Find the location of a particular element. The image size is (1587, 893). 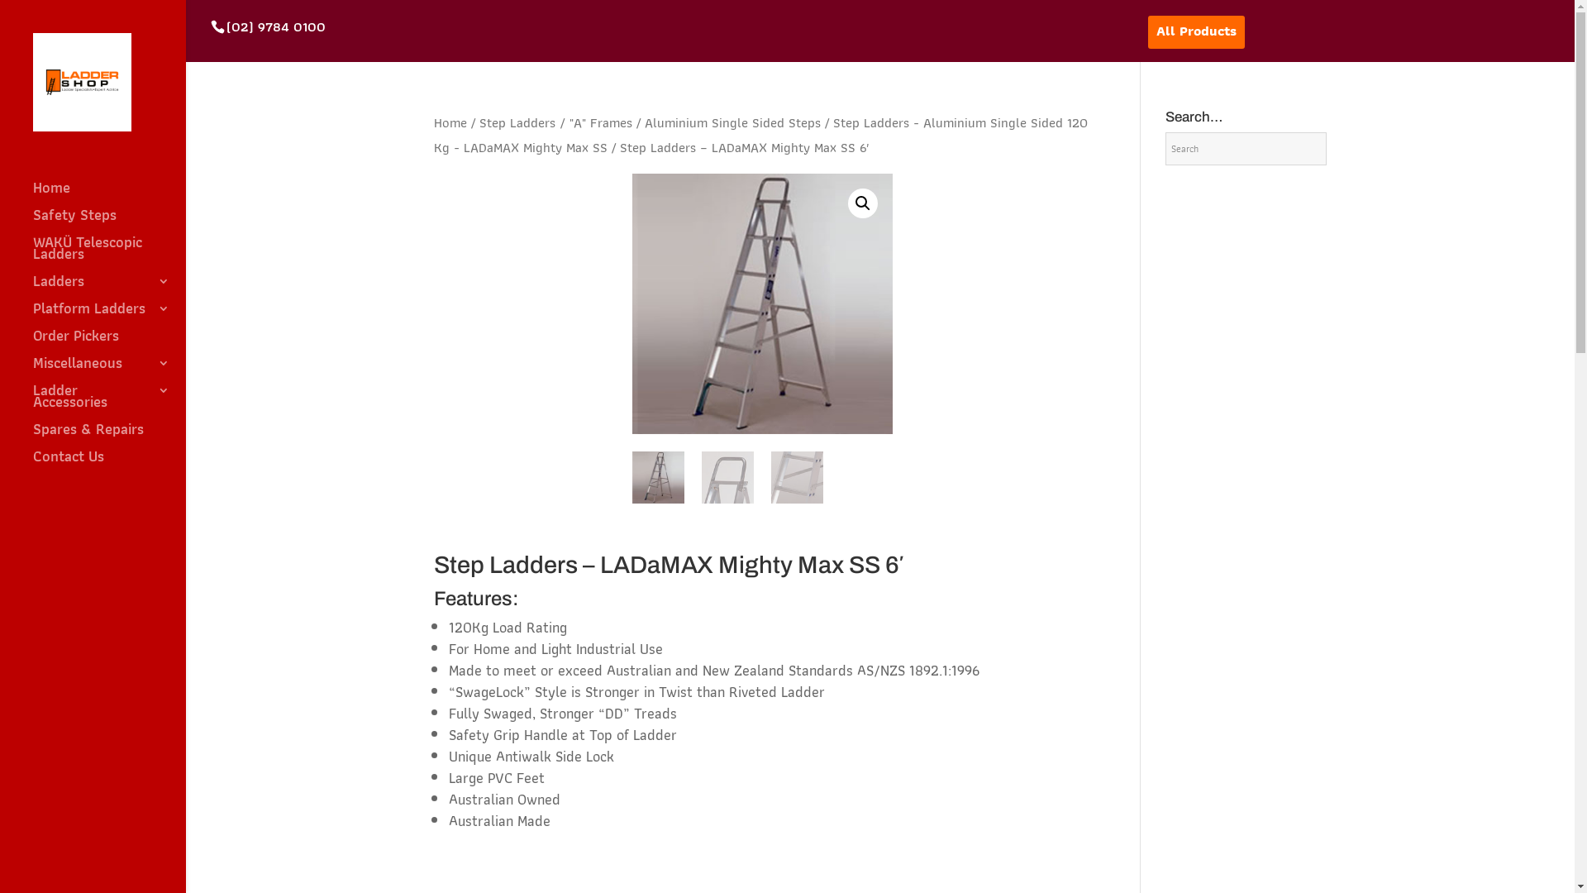

'Order Pickers' is located at coordinates (32, 342).